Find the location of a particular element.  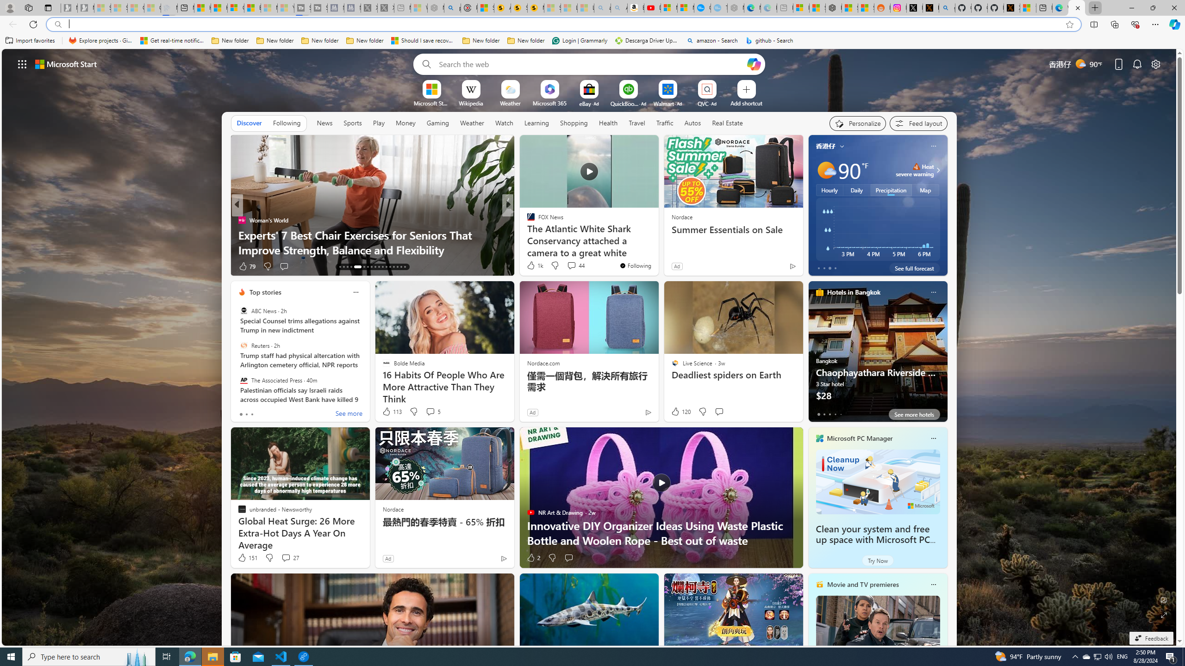

'Discover' is located at coordinates (249, 122).